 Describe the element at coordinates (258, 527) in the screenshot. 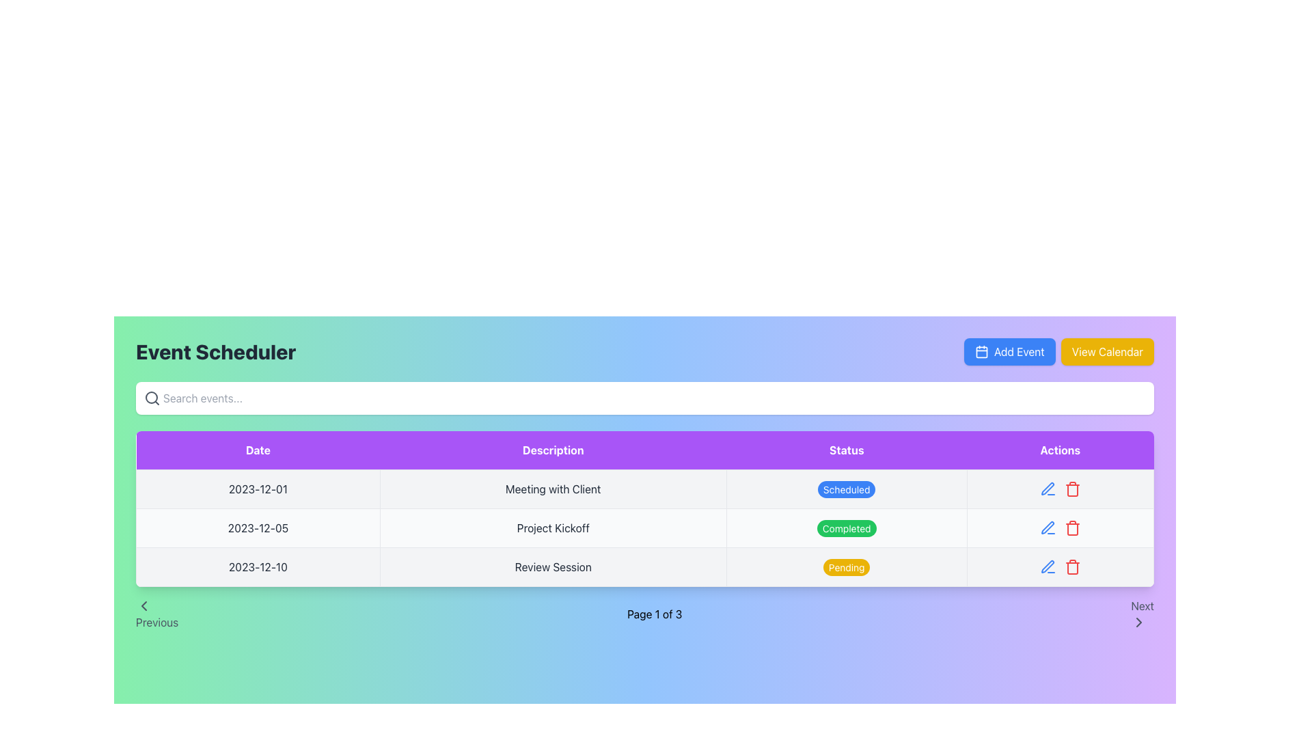

I see `the Text label that displays the date of a specific event in the schedule, located in the second row under the 'Date' column` at that location.